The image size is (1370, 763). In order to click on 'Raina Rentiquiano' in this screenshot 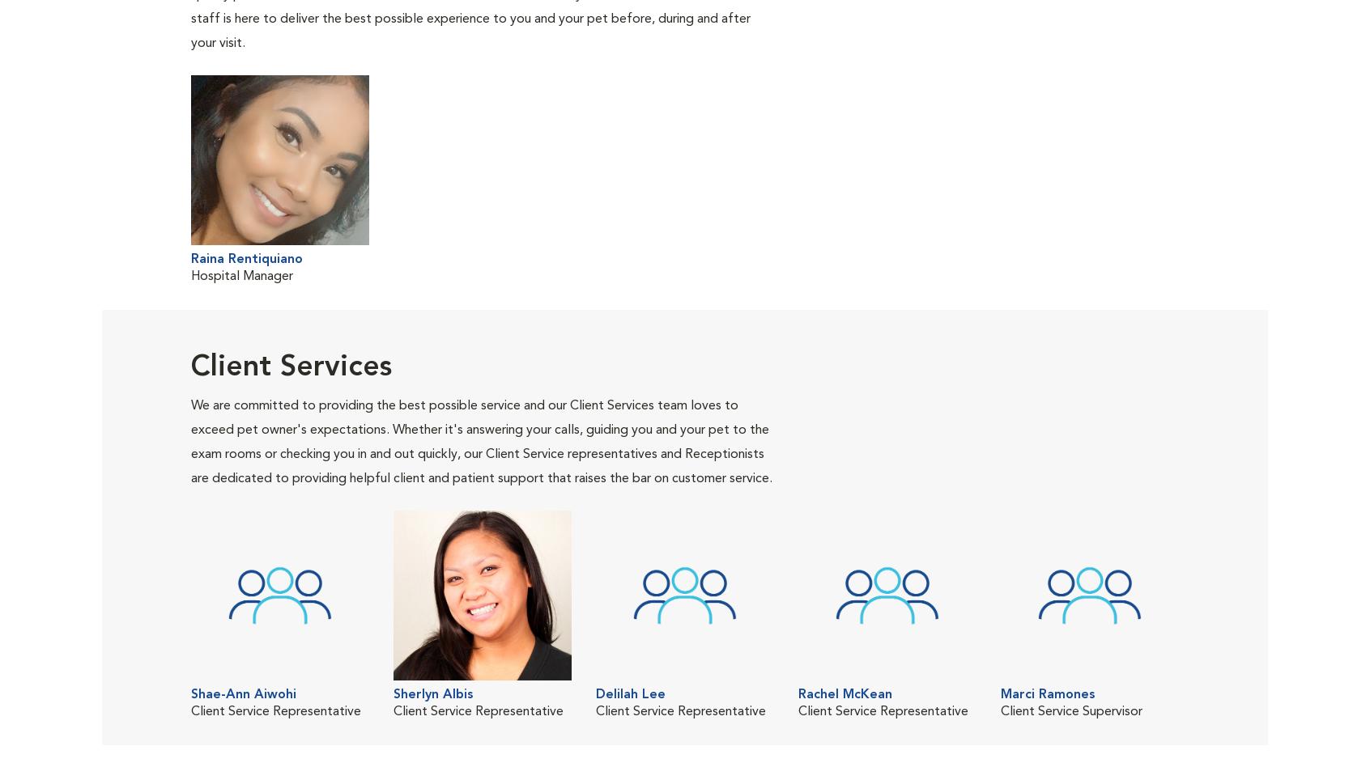, I will do `click(246, 259)`.